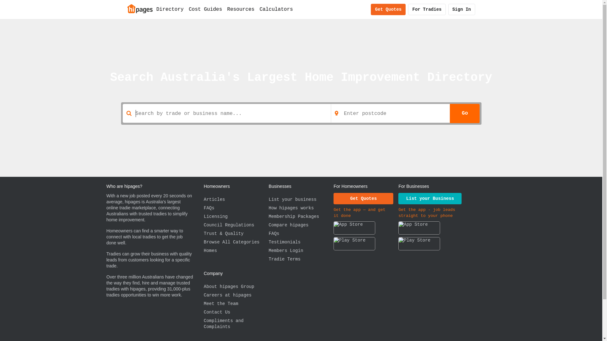 Image resolution: width=607 pixels, height=341 pixels. I want to click on 'Careers at hipages', so click(236, 295).